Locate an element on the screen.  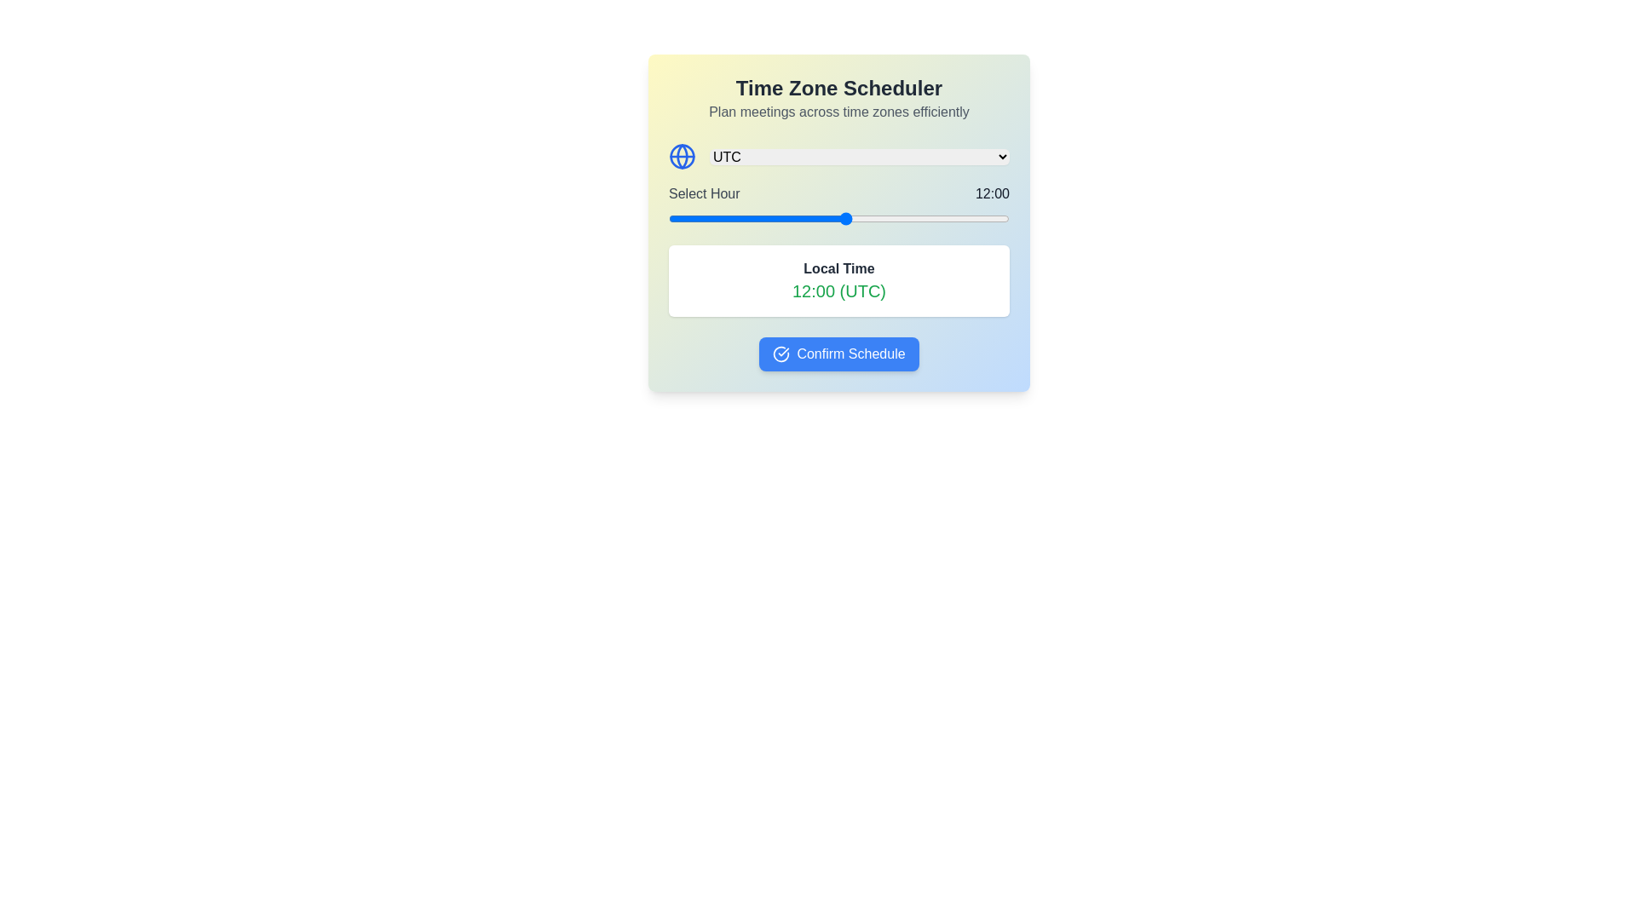
the globe icon located to the left of the 'UTC' dropdown menu in the header section of the interface is located at coordinates (683, 157).